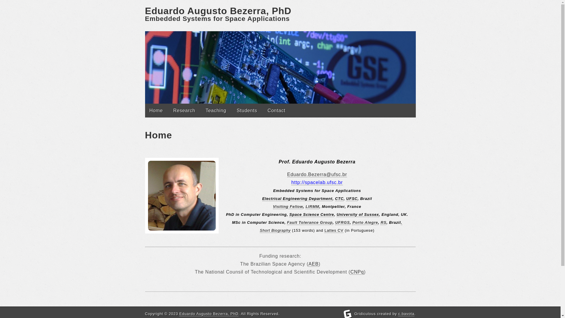 This screenshot has width=565, height=318. What do you see at coordinates (311, 215) in the screenshot?
I see `'Space Science Centre'` at bounding box center [311, 215].